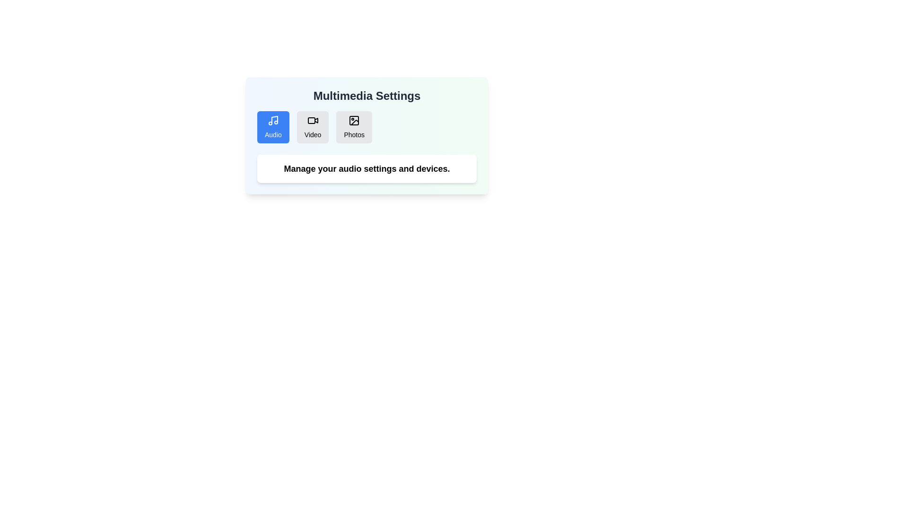 This screenshot has height=511, width=908. I want to click on text label indicating audio settings located at the bottom of the audio options button, which is the first element in the multimedia selection row, so click(272, 135).